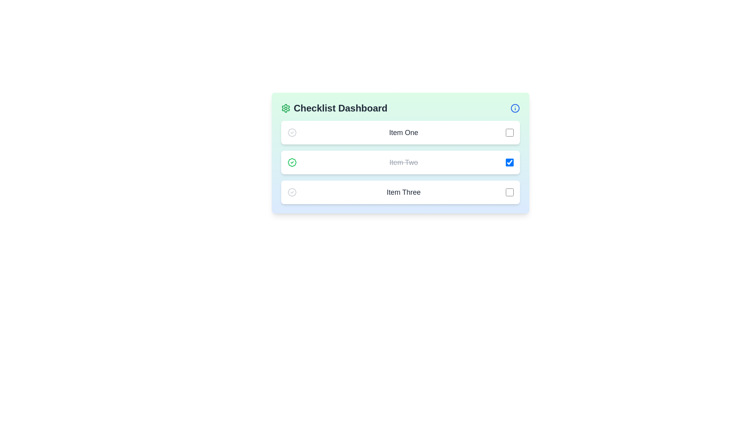 Image resolution: width=754 pixels, height=424 pixels. Describe the element at coordinates (515, 108) in the screenshot. I see `the informational icon located at the far right of the 'Checklist Dashboard' header bar to provide additional details or guidance` at that location.